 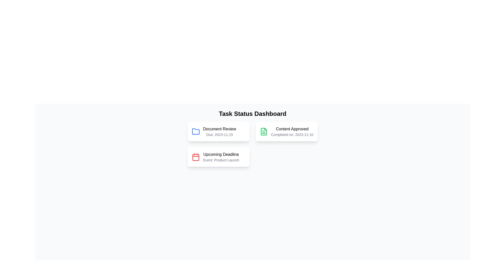 I want to click on the 'Document Review' text block, which includes a bold title and a muted subtitle, so click(x=220, y=131).